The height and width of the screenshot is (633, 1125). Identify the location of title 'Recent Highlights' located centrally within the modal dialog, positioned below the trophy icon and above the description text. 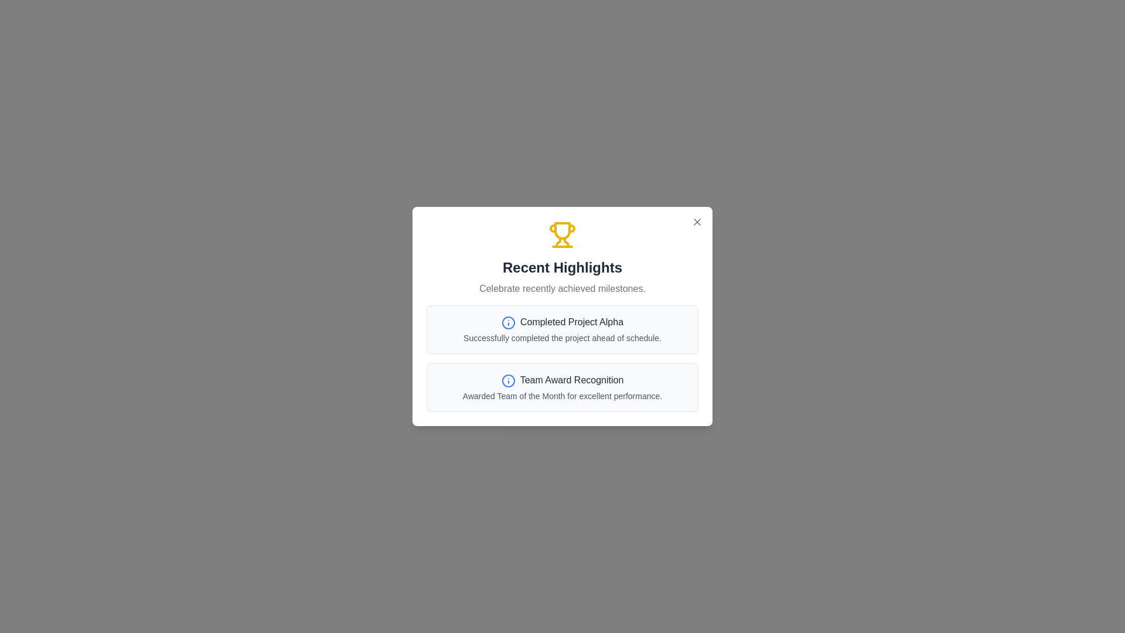
(562, 267).